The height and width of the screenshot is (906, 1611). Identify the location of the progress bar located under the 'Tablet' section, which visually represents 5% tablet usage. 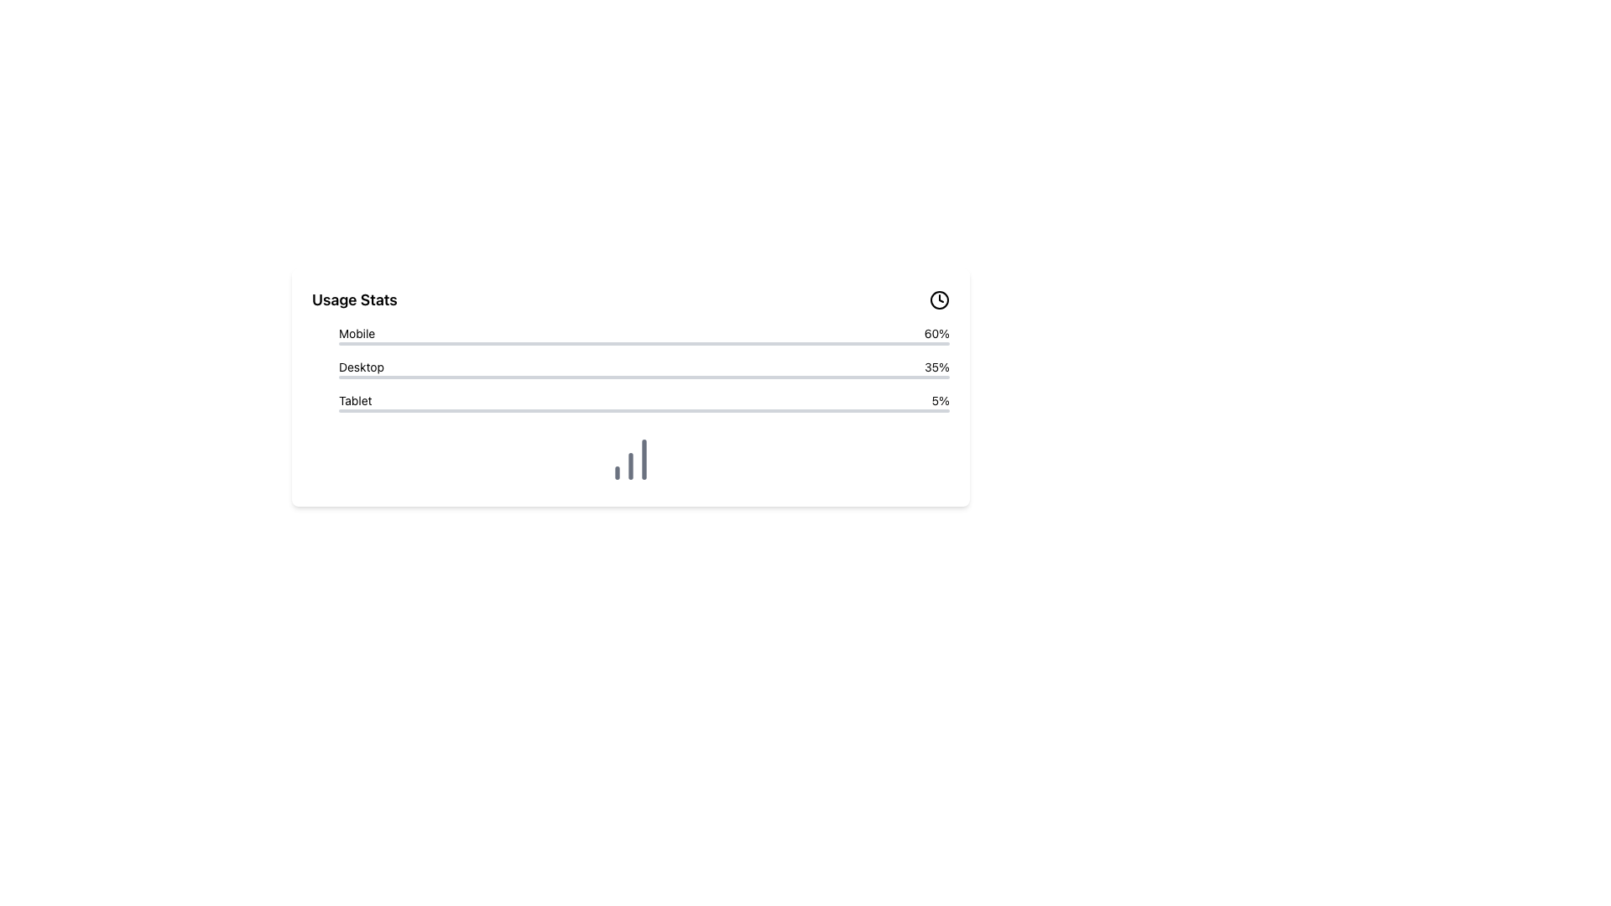
(644, 410).